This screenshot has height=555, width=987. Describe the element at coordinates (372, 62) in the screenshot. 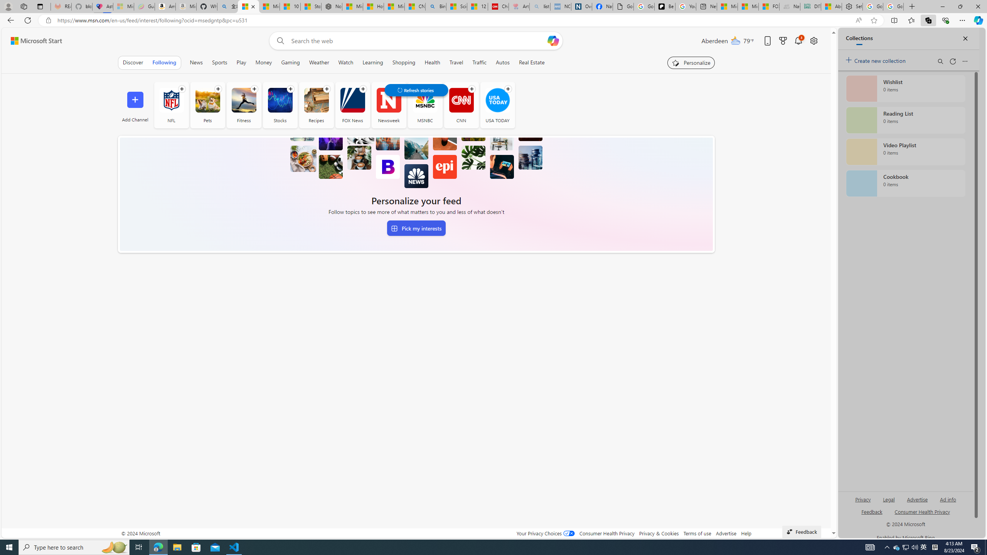

I see `'Learning'` at that location.